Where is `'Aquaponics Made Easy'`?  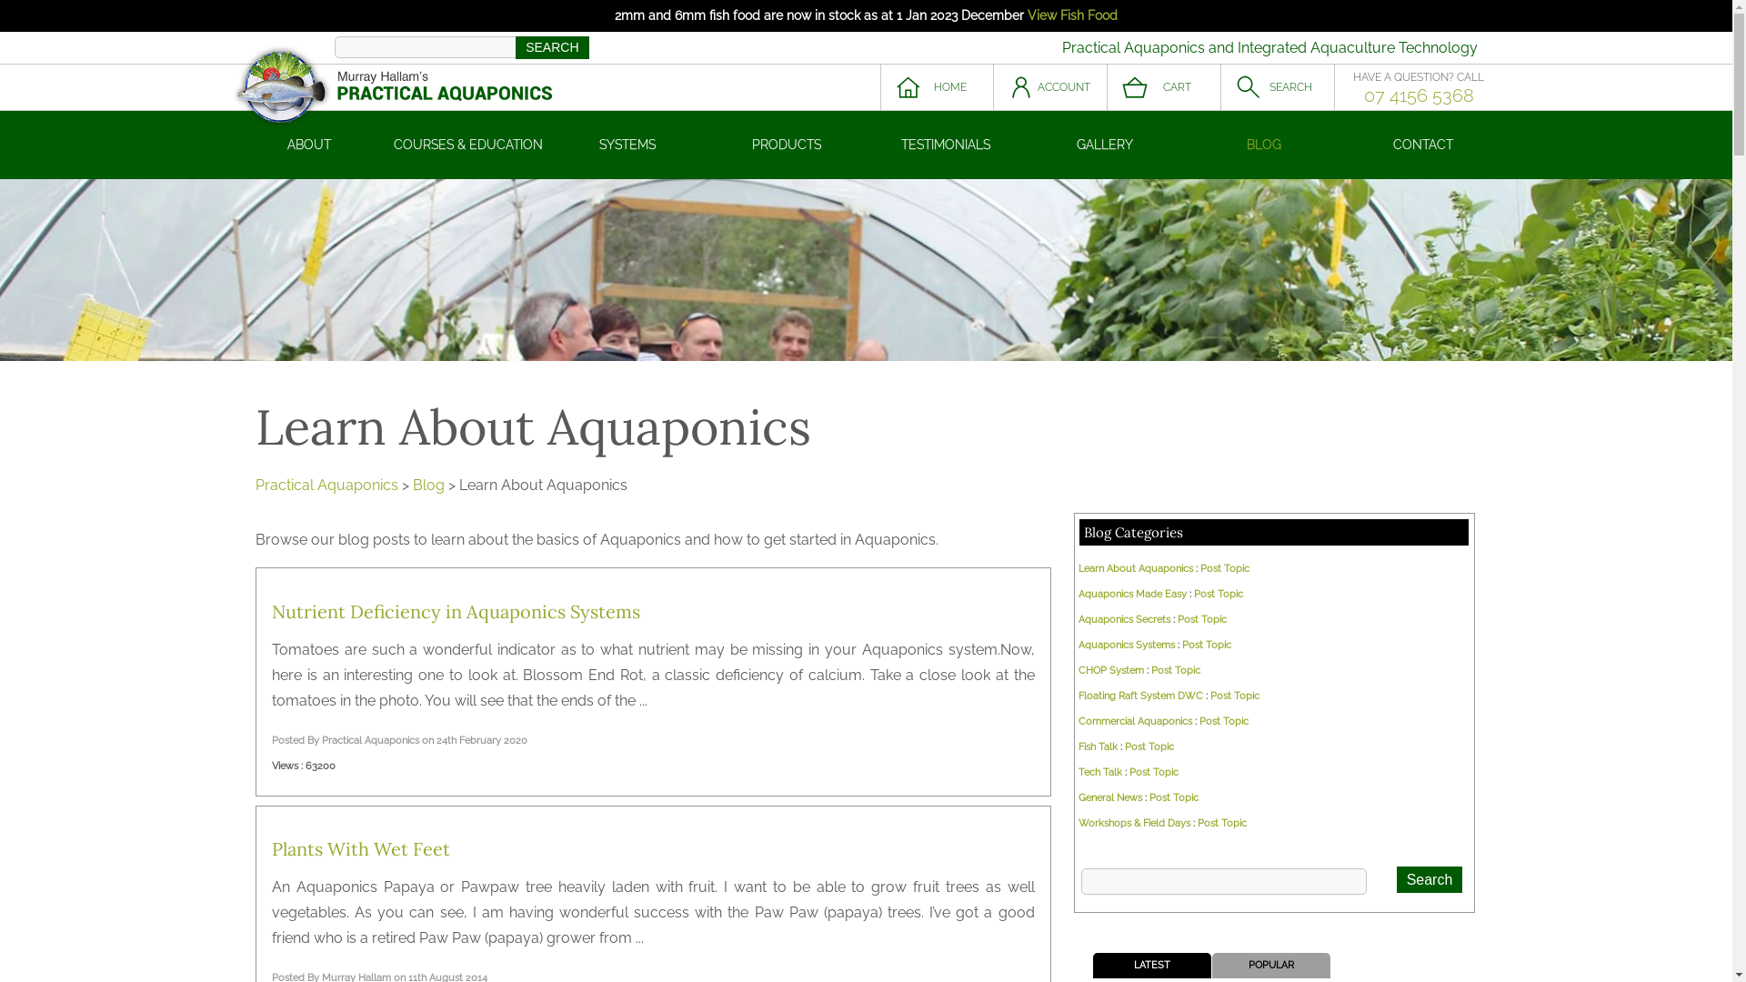 'Aquaponics Made Easy' is located at coordinates (1131, 594).